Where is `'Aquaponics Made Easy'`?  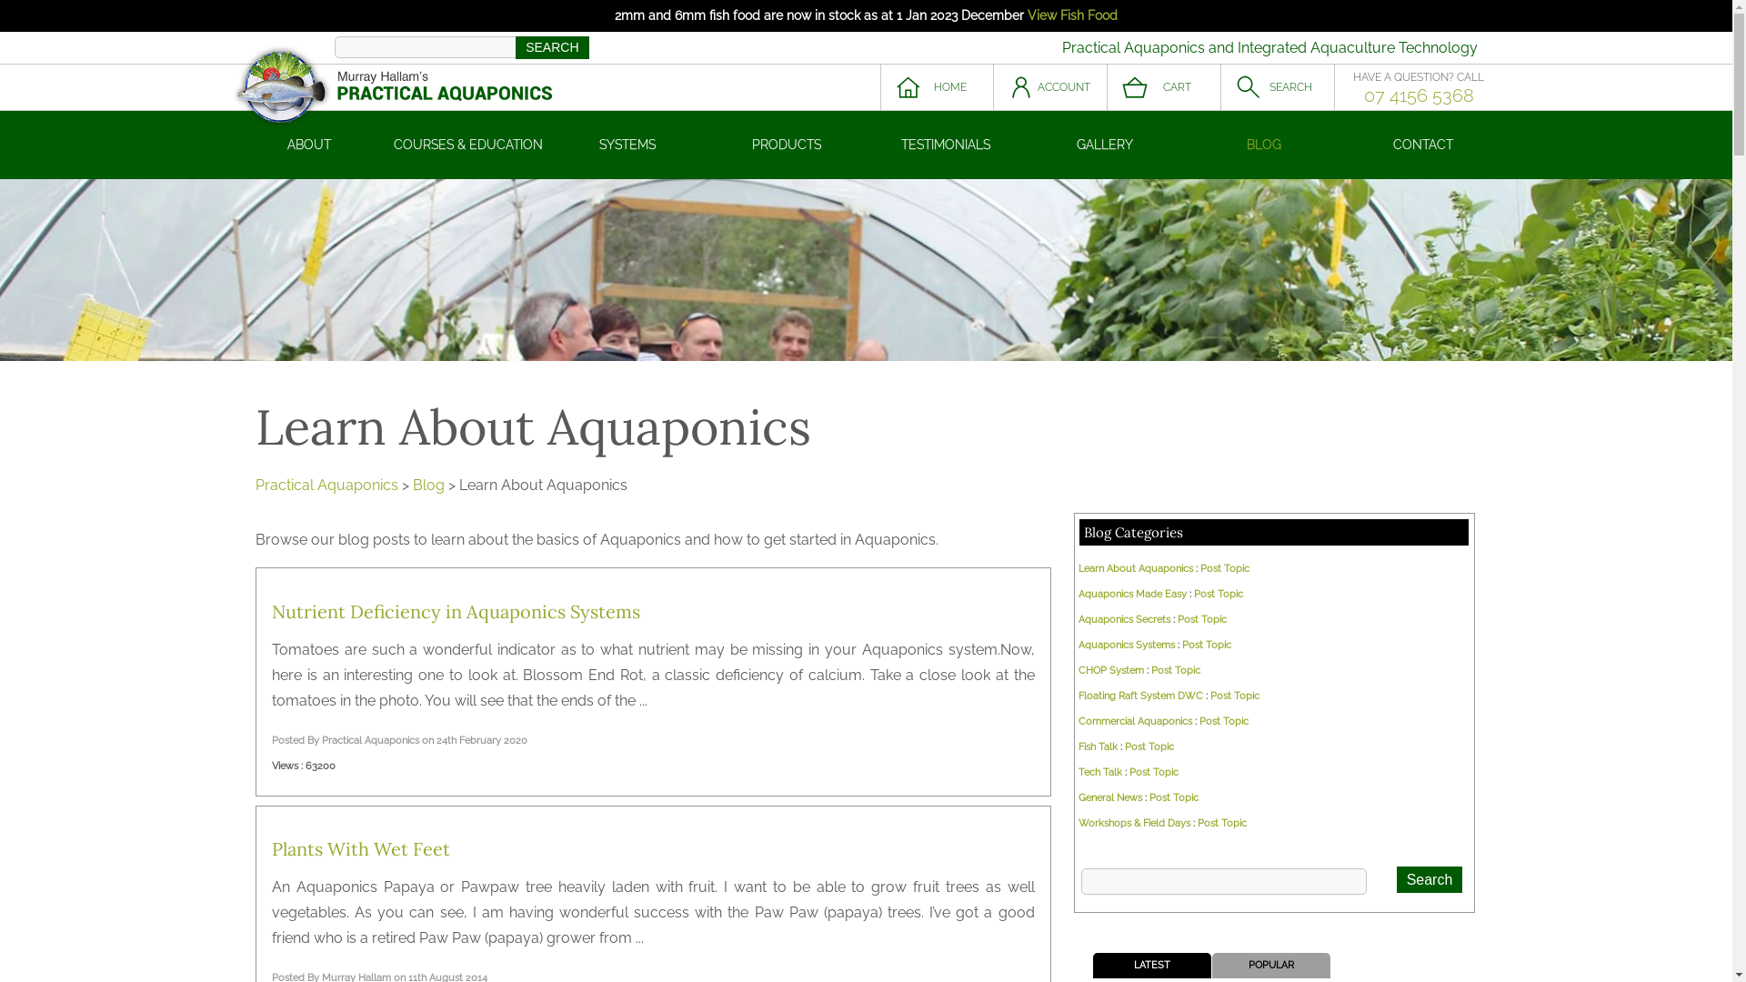 'Aquaponics Made Easy' is located at coordinates (1131, 594).